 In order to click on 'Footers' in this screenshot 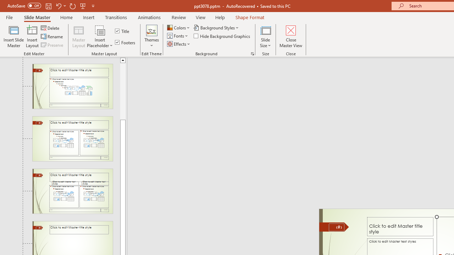, I will do `click(126, 42)`.